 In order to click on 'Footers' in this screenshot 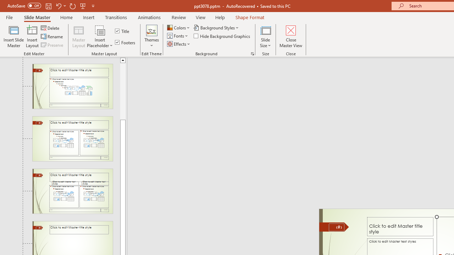, I will do `click(126, 42)`.